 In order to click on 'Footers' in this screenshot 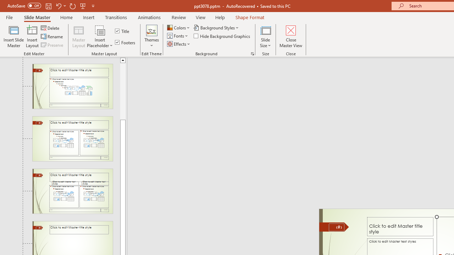, I will do `click(126, 42)`.